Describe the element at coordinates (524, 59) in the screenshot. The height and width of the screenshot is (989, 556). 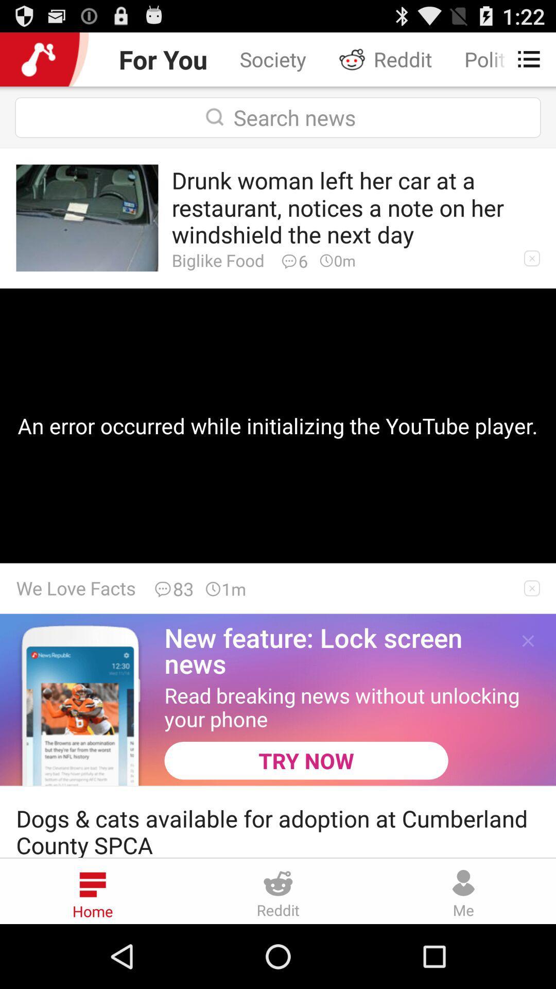
I see `app to the right of reddit` at that location.